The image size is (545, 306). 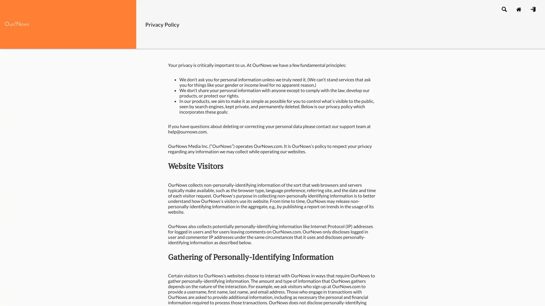 I want to click on Search, so click(x=504, y=9).